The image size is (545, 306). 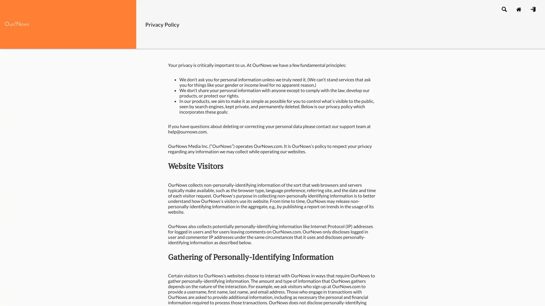 I want to click on Search, so click(x=504, y=9).